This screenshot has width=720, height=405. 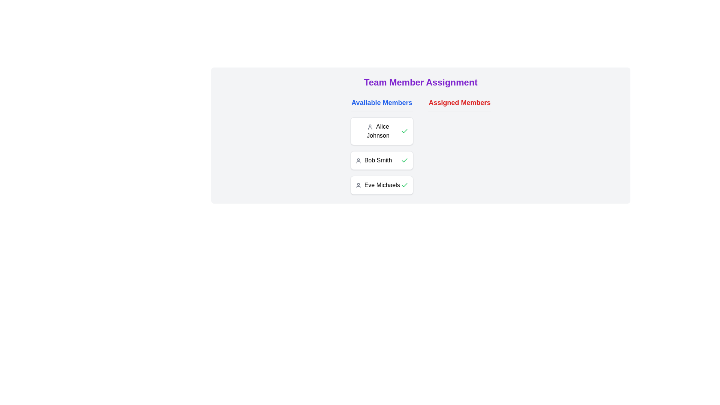 What do you see at coordinates (404, 130) in the screenshot?
I see `the selection state displayed by the checkmark icon indicating the assignment status of team member 'Bob Smith'` at bounding box center [404, 130].